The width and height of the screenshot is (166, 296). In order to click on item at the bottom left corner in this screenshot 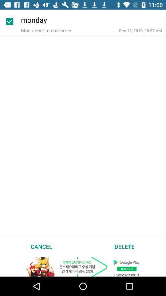, I will do `click(41, 246)`.